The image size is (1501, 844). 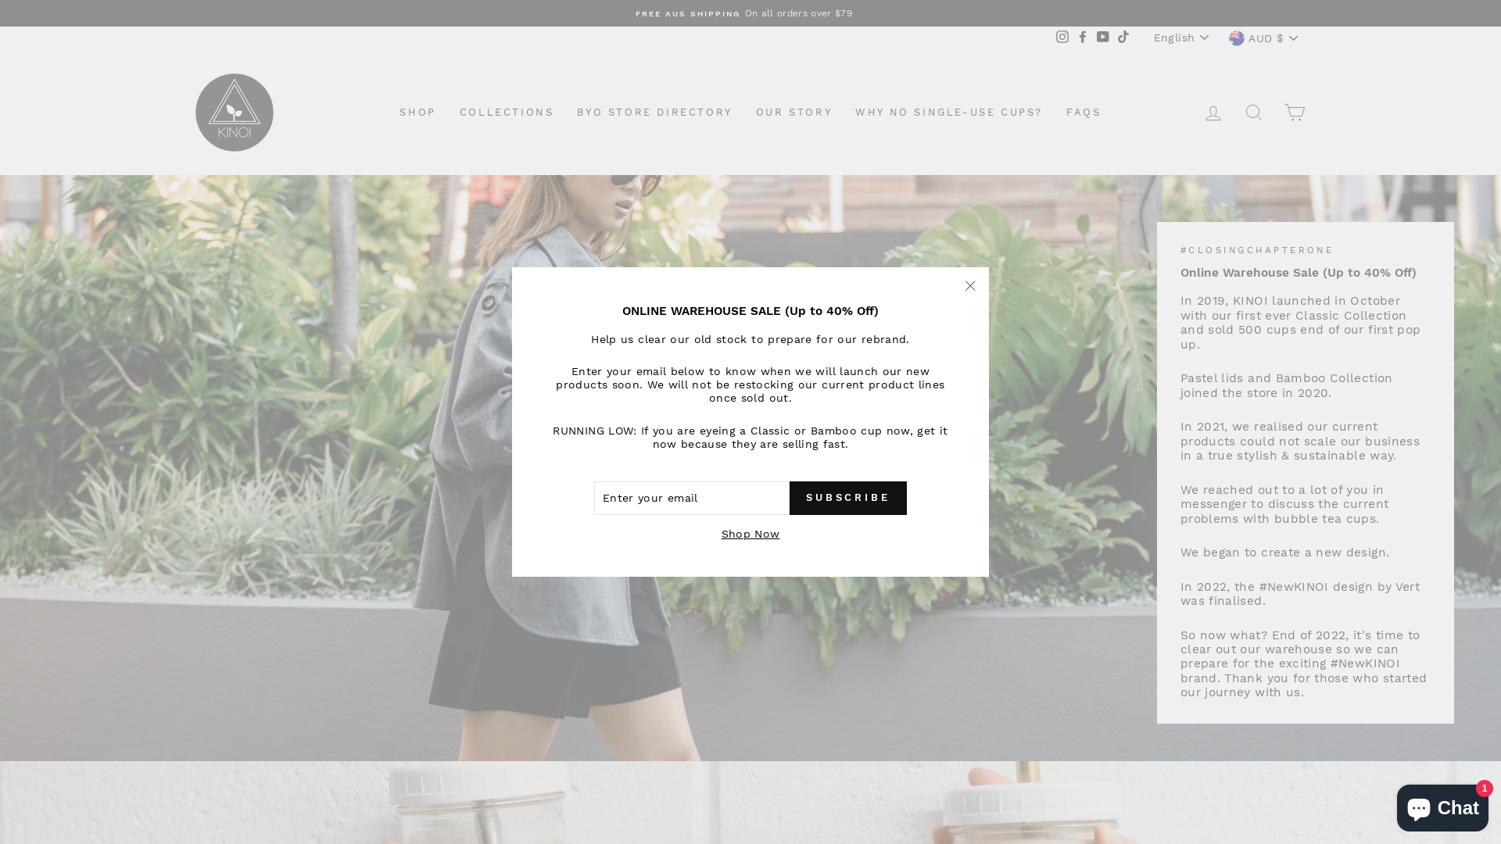 I want to click on 'BYO STORE DIRECTORY', so click(x=654, y=112).